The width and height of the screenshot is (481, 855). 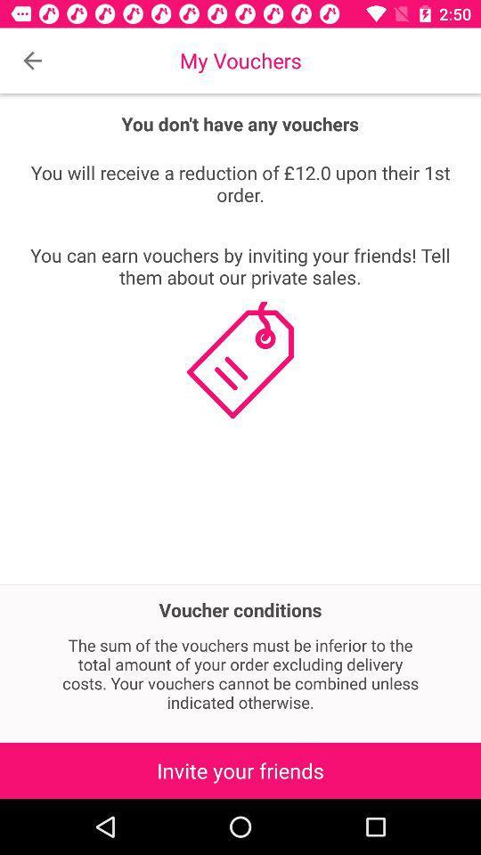 I want to click on the icon at the top left corner, so click(x=32, y=61).